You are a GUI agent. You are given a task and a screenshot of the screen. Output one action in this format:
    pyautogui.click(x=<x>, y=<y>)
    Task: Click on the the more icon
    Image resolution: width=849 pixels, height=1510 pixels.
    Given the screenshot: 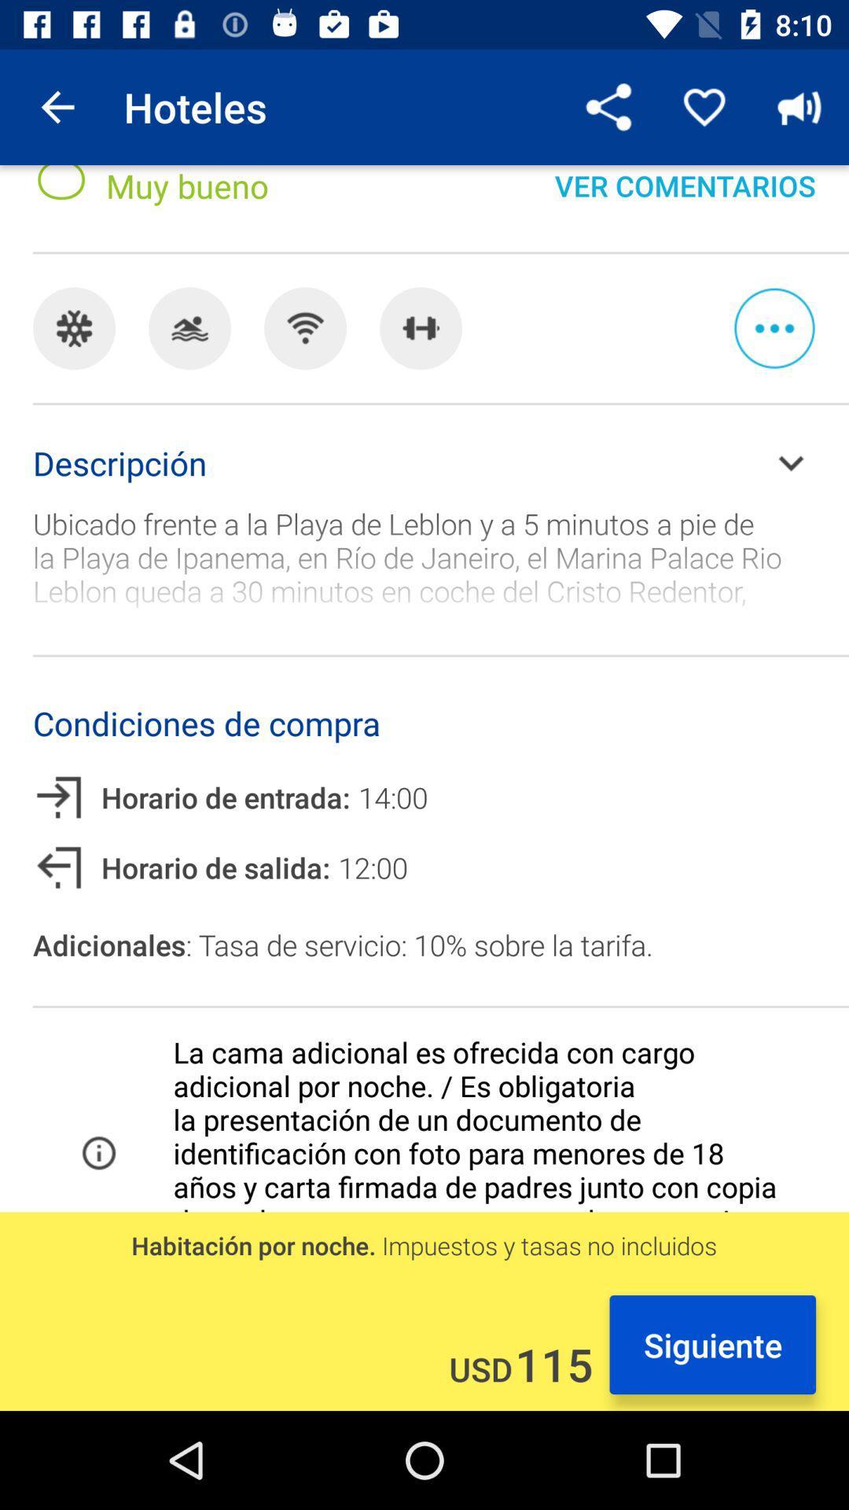 What is the action you would take?
    pyautogui.click(x=774, y=327)
    